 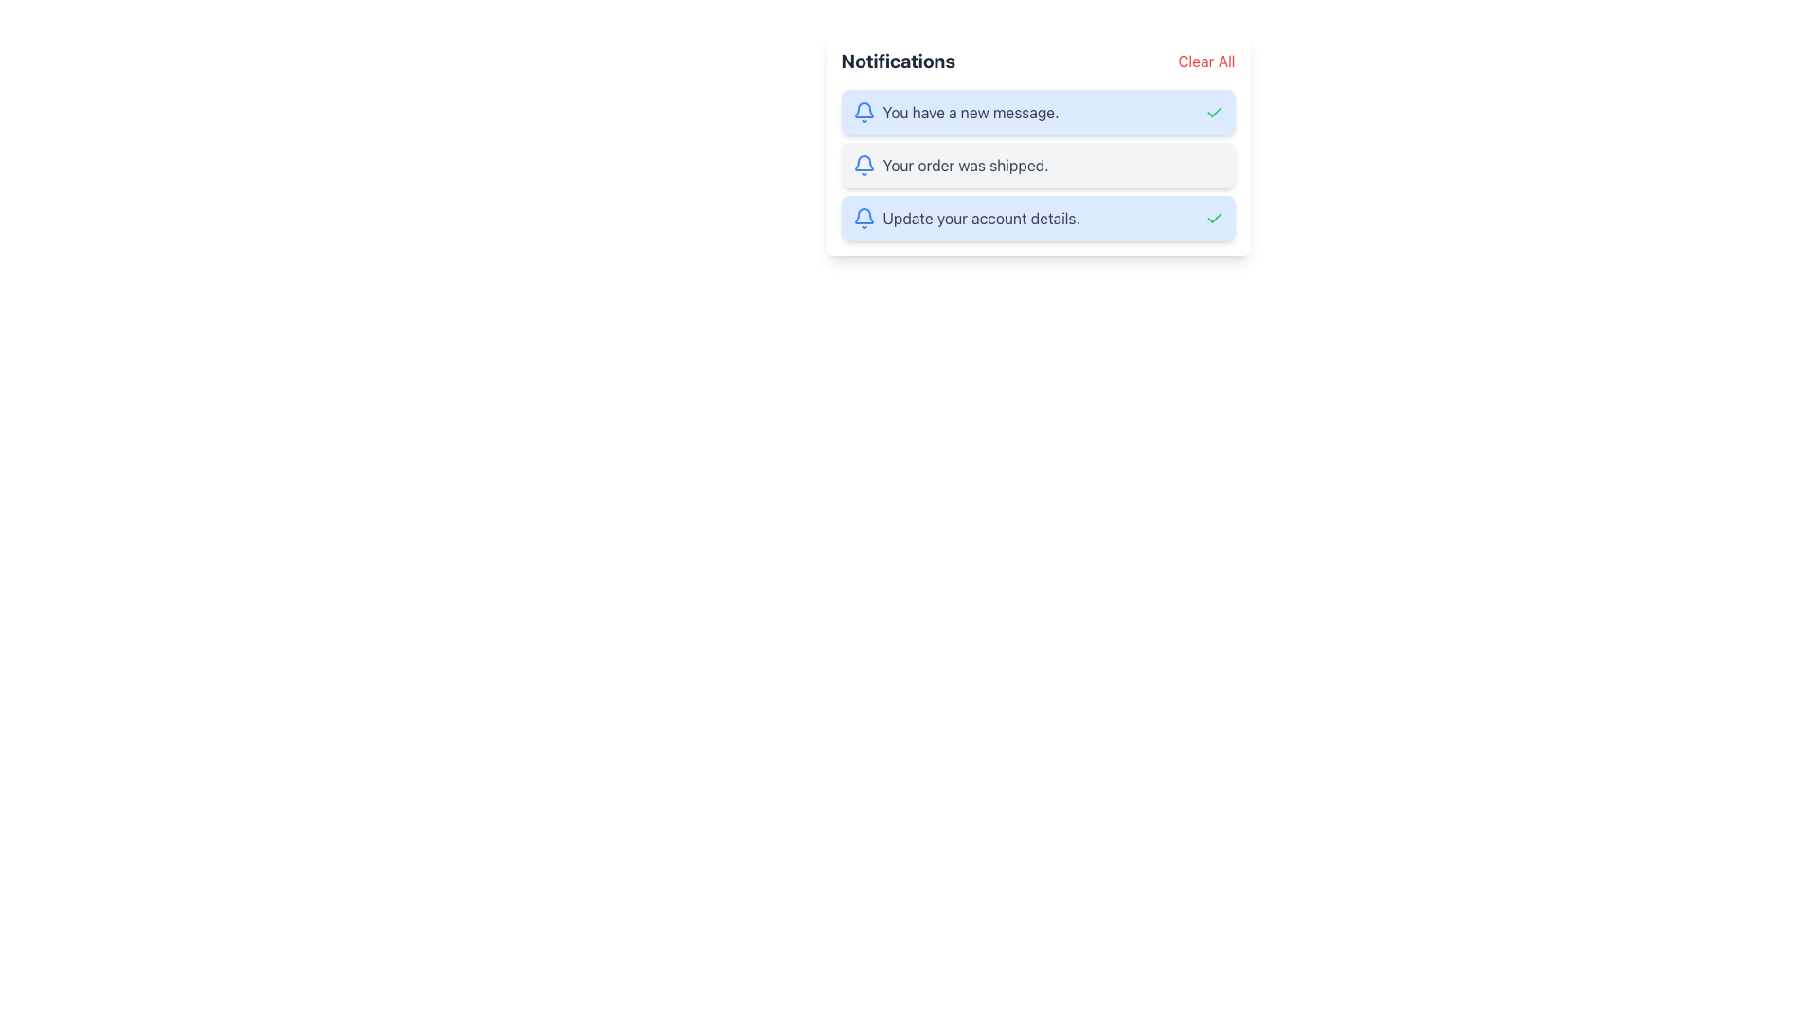 What do you see at coordinates (1214, 218) in the screenshot?
I see `the confirmation icon located at the far-right end of the third notification item that contains the text 'Update your account details.' to mark it as completed` at bounding box center [1214, 218].